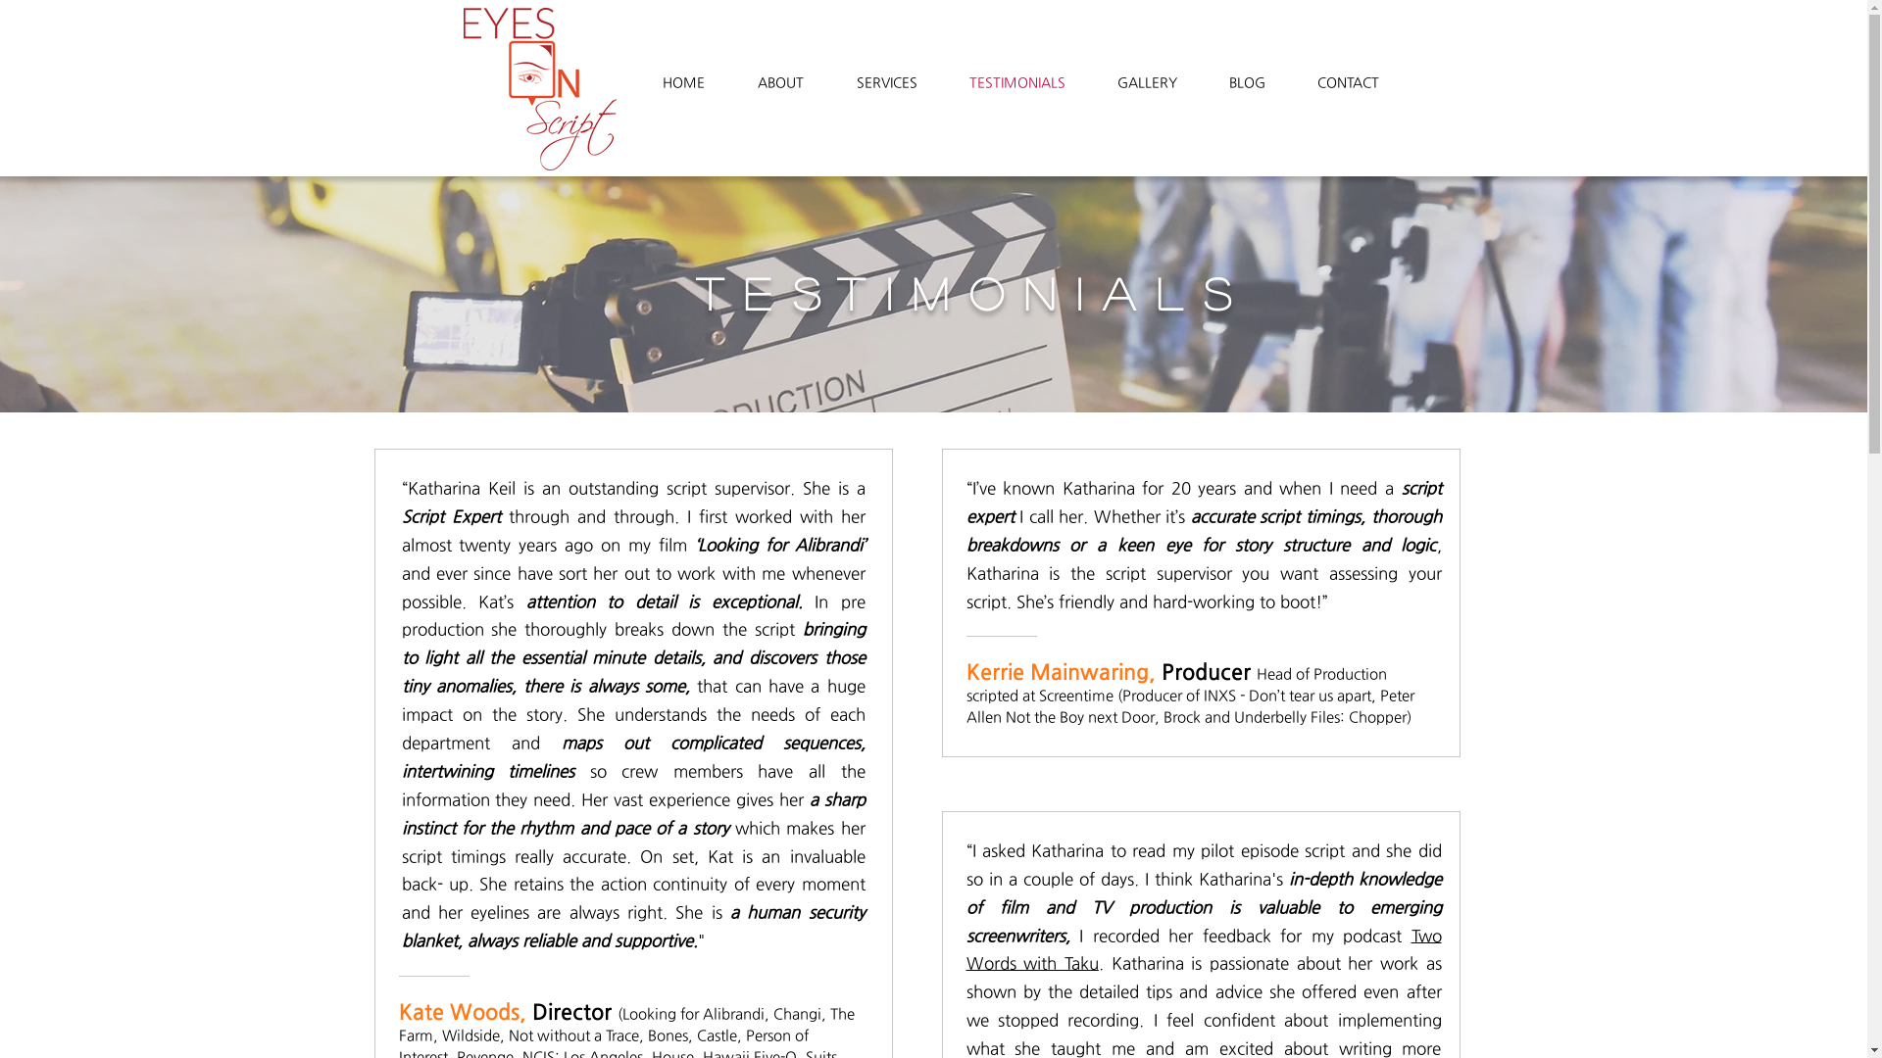  What do you see at coordinates (779, 81) in the screenshot?
I see `'ABOUT'` at bounding box center [779, 81].